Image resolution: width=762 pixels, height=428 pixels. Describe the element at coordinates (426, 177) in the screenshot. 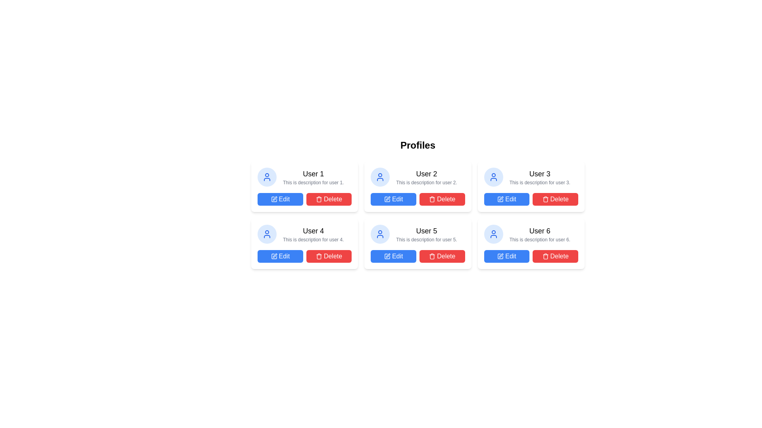

I see `the Text block that provides the name and description of the profile labeled 'User 2', located in the central column under the 'Profiles' section` at that location.